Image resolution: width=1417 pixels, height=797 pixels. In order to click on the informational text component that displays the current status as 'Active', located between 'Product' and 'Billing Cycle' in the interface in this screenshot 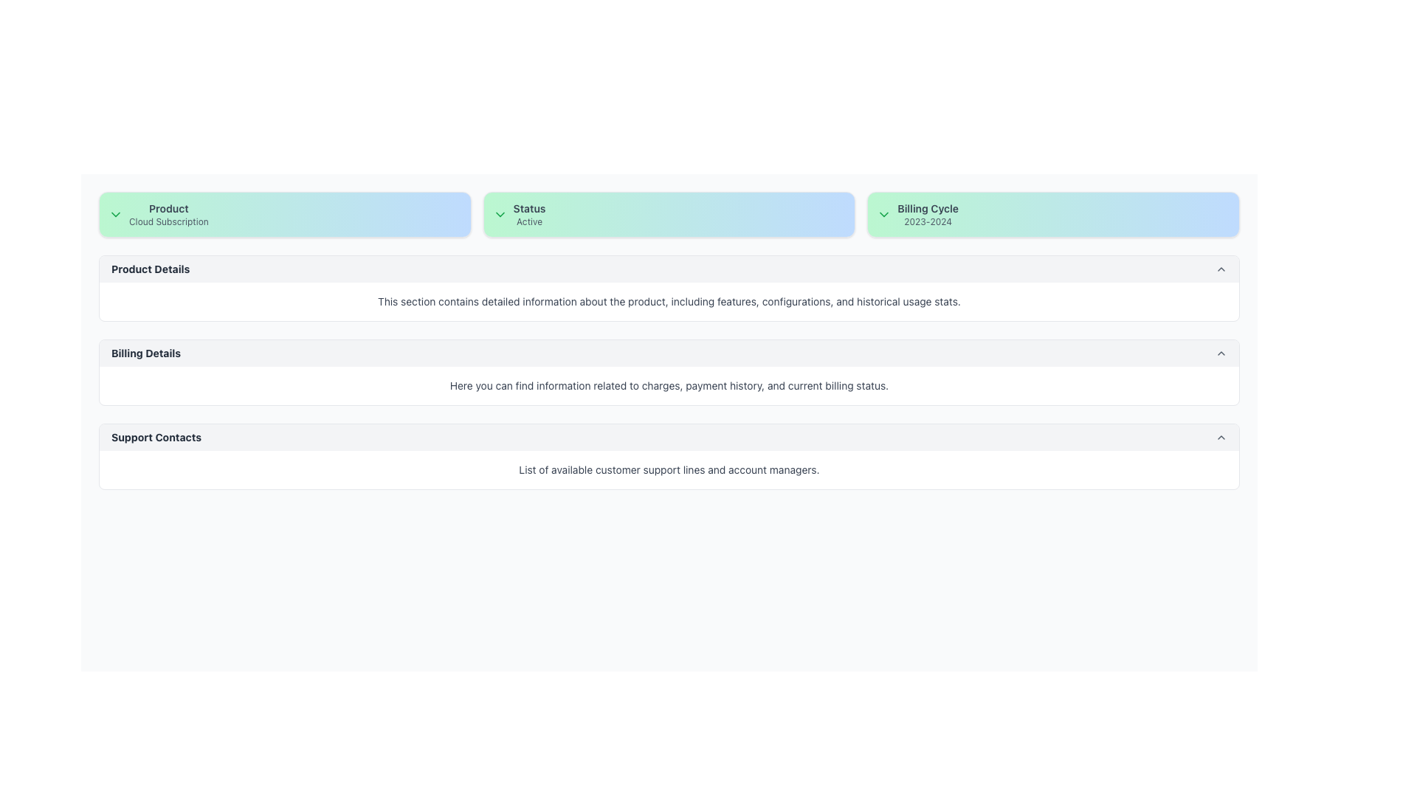, I will do `click(529, 214)`.